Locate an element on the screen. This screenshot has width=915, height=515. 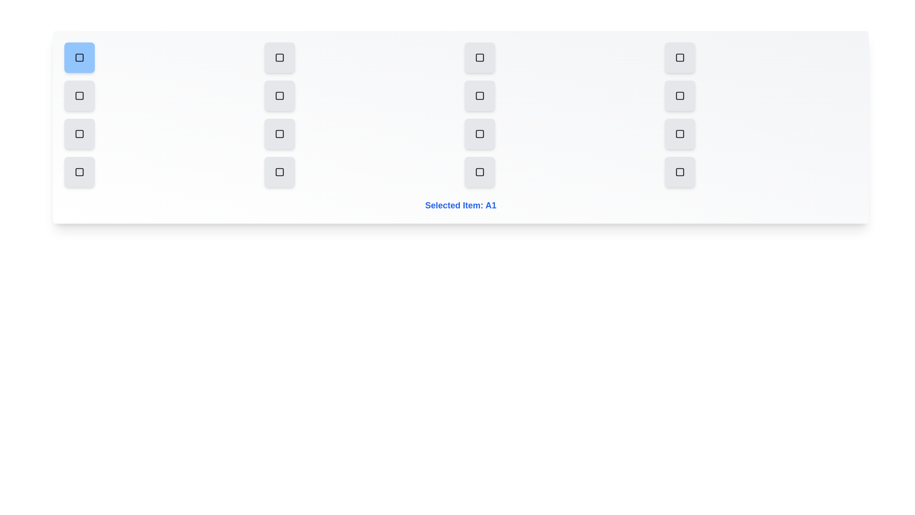
the grid item D1 to select it is located at coordinates (80, 172).